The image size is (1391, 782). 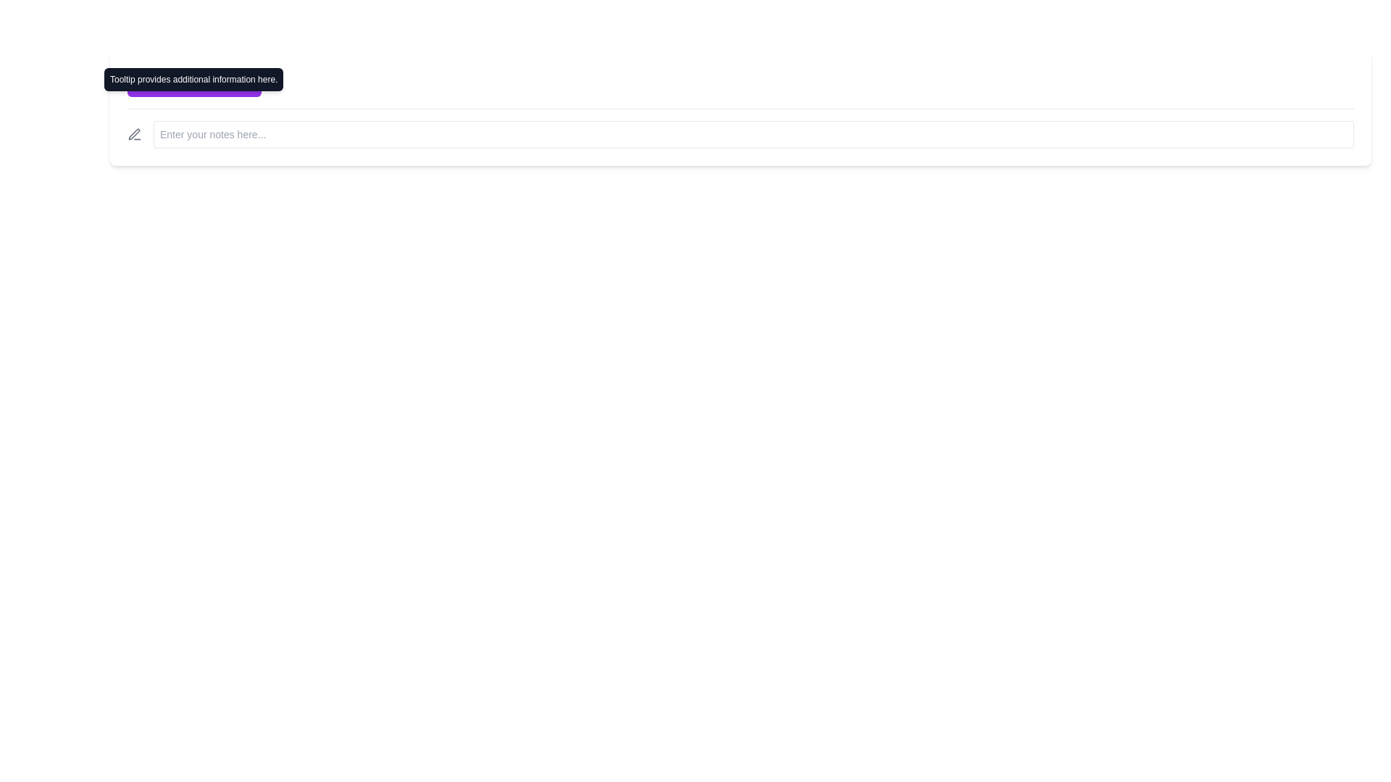 I want to click on the circular 'info' icon with a purple stroke, positioned to the left of the 'Hover for Info' button, so click(x=146, y=83).